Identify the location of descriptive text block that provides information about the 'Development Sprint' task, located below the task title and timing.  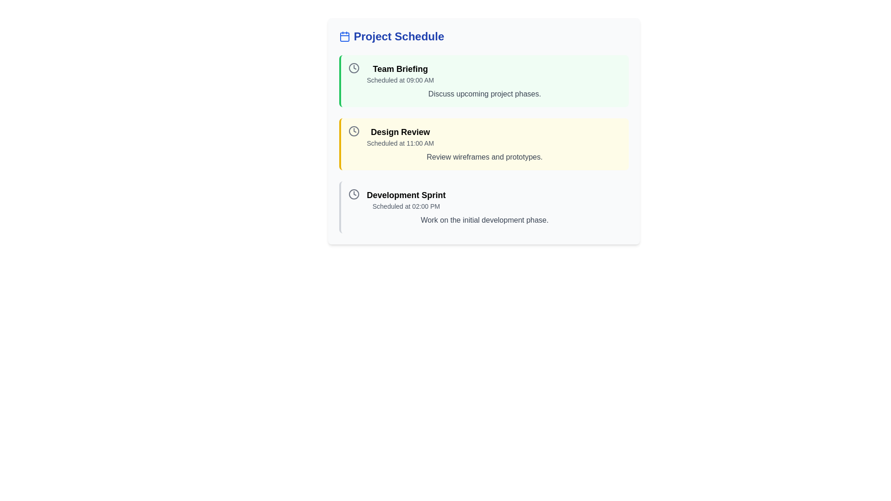
(484, 220).